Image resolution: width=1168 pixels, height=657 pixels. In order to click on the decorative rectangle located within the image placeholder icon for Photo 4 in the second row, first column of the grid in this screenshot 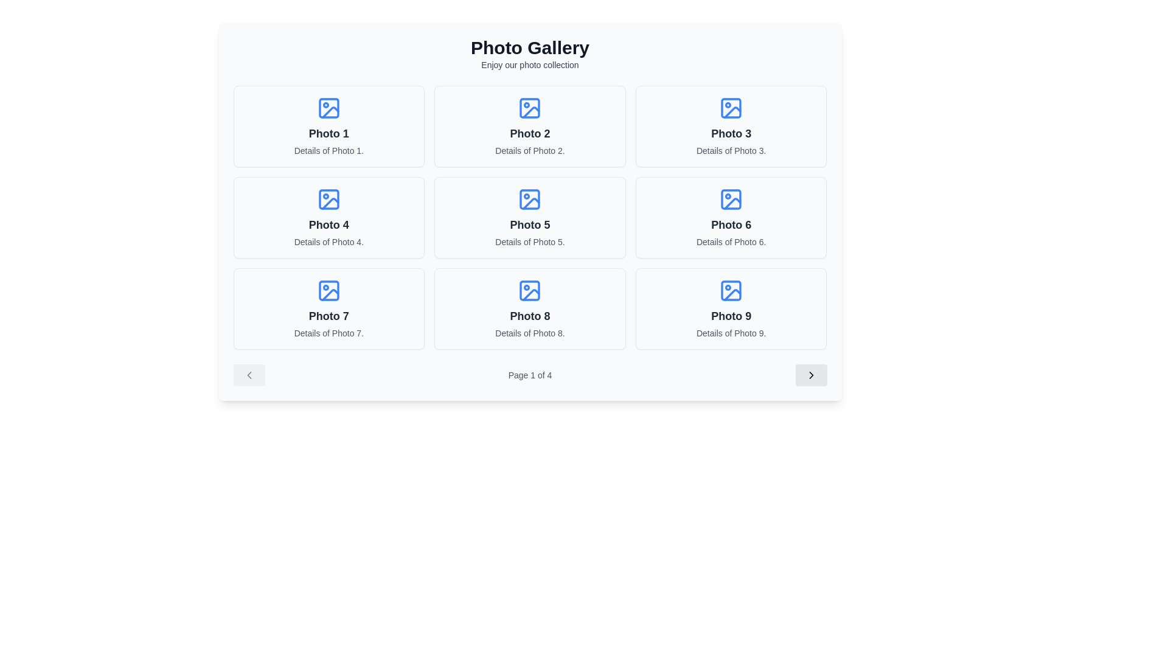, I will do `click(328, 198)`.